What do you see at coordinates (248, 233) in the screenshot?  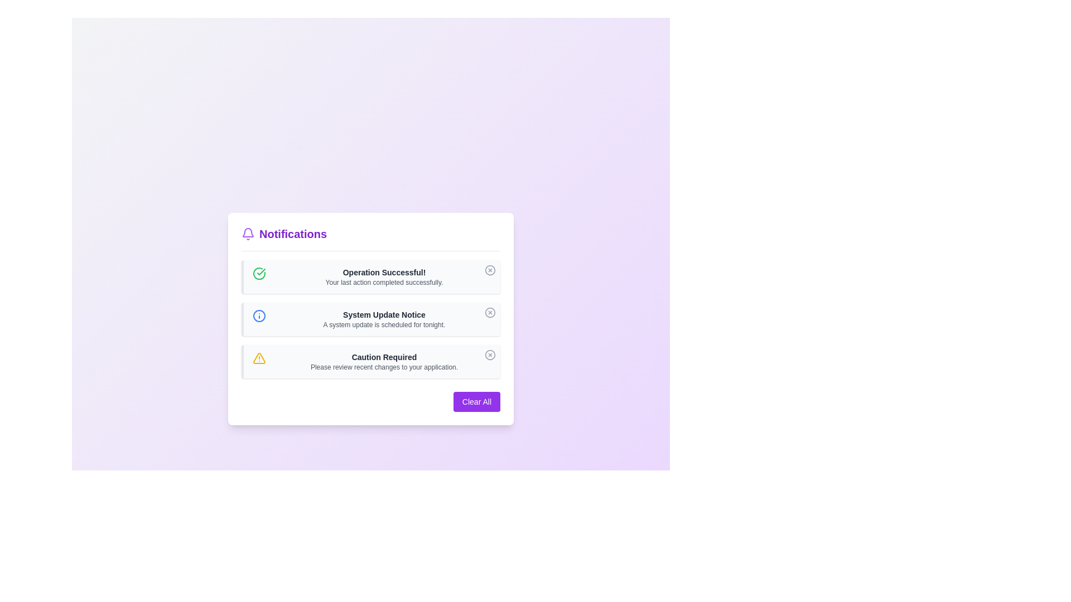 I see `the notification icon located in the top-left region of the card, positioned to the left of the 'Notifications' title` at bounding box center [248, 233].